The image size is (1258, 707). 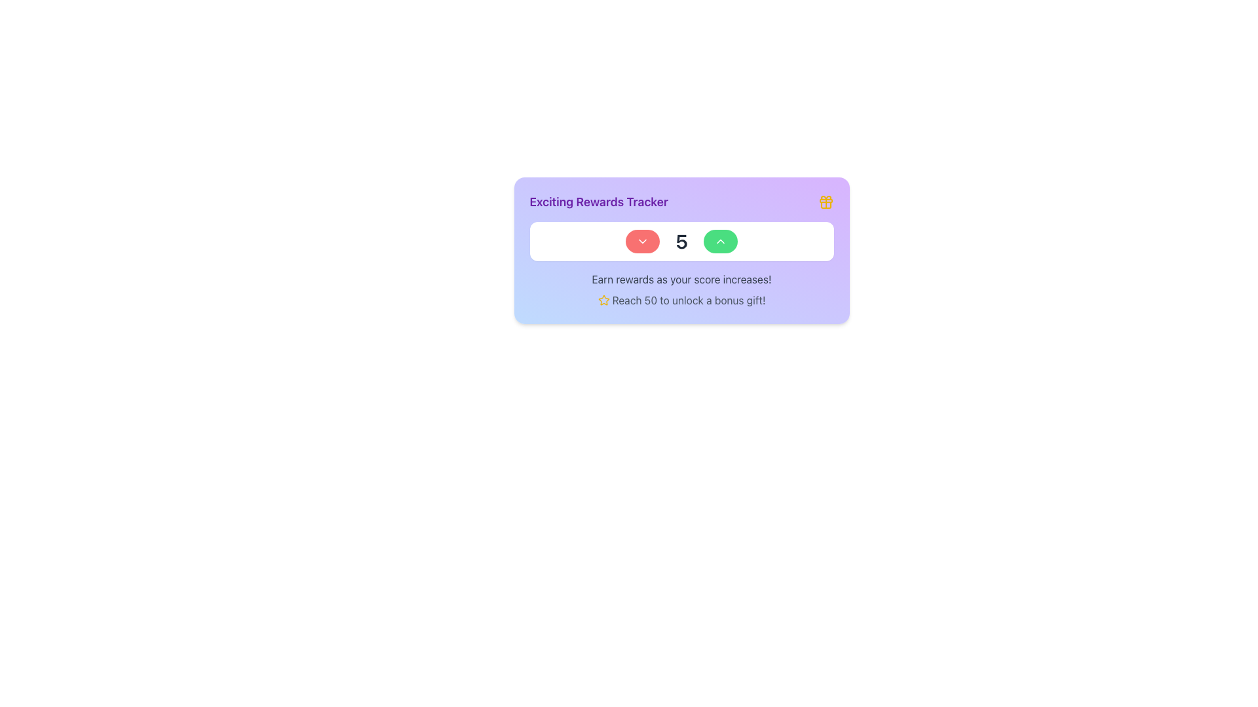 What do you see at coordinates (719, 242) in the screenshot?
I see `the chevron upwards icon button, which is styled in green and located to the right of the numeric value '5' in the rewards tracker interface, to increment the value` at bounding box center [719, 242].